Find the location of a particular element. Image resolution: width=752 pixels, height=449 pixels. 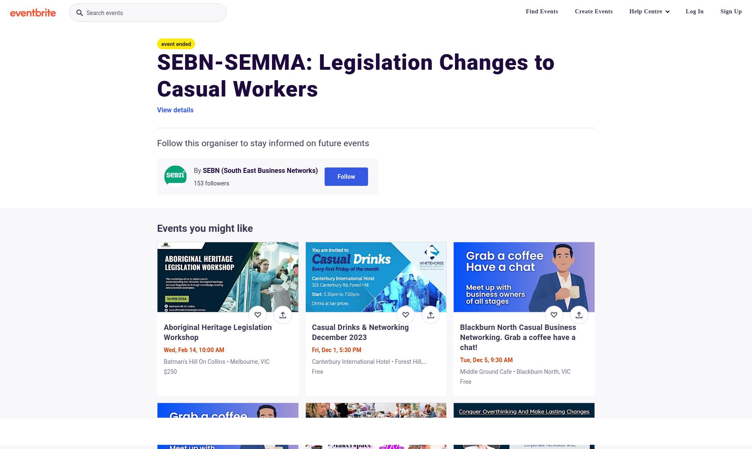

'Event ended' is located at coordinates (176, 43).